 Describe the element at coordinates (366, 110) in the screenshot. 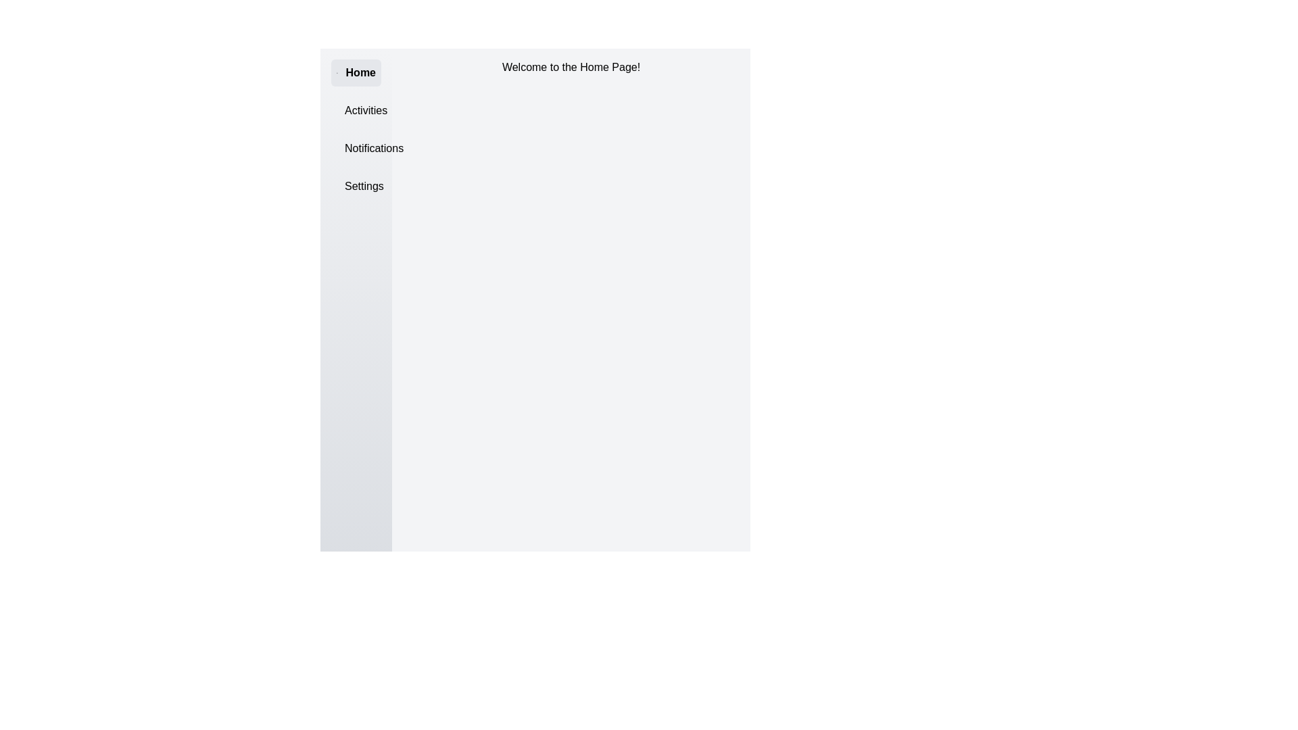

I see `the 'Activities' static text label located in the left-hand sidebar, which is the second item in a vertical list of menu options` at that location.